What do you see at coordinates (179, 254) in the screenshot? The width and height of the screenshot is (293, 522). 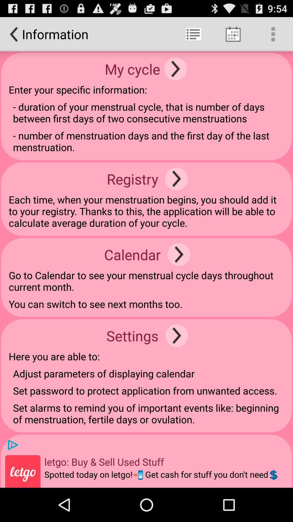 I see `the icon below the each time when item` at bounding box center [179, 254].